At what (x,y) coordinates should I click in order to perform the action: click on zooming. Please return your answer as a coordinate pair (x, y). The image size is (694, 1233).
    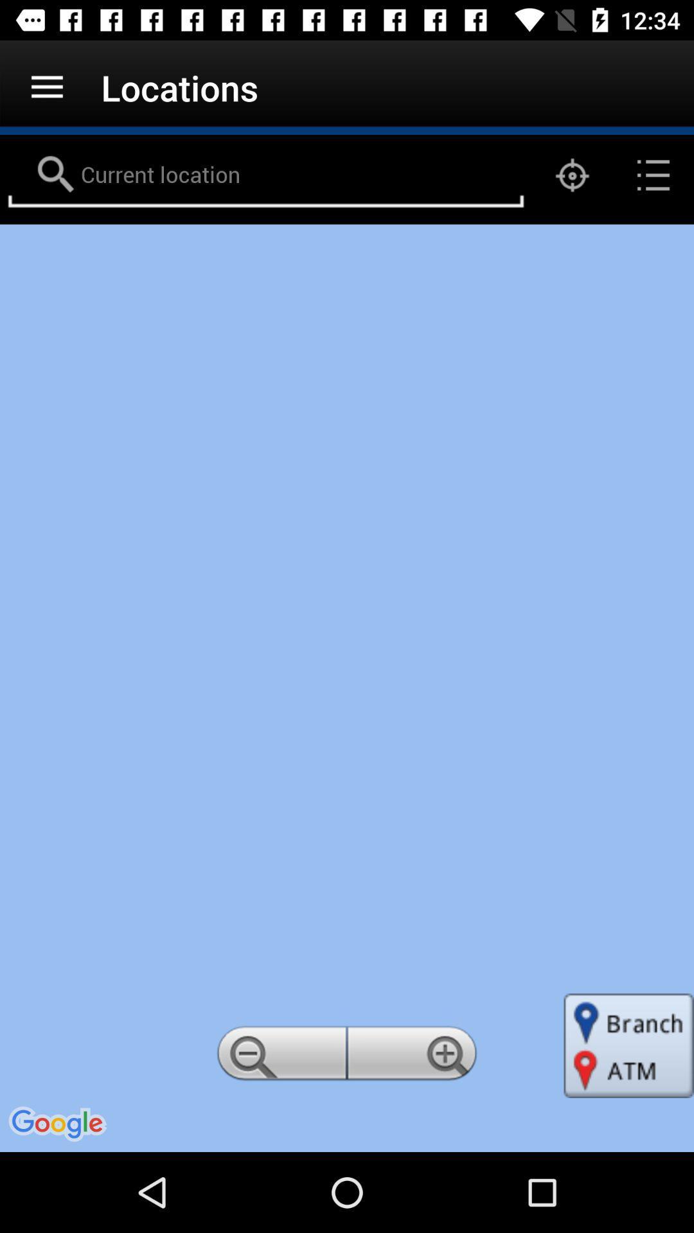
    Looking at the image, I should click on (414, 1057).